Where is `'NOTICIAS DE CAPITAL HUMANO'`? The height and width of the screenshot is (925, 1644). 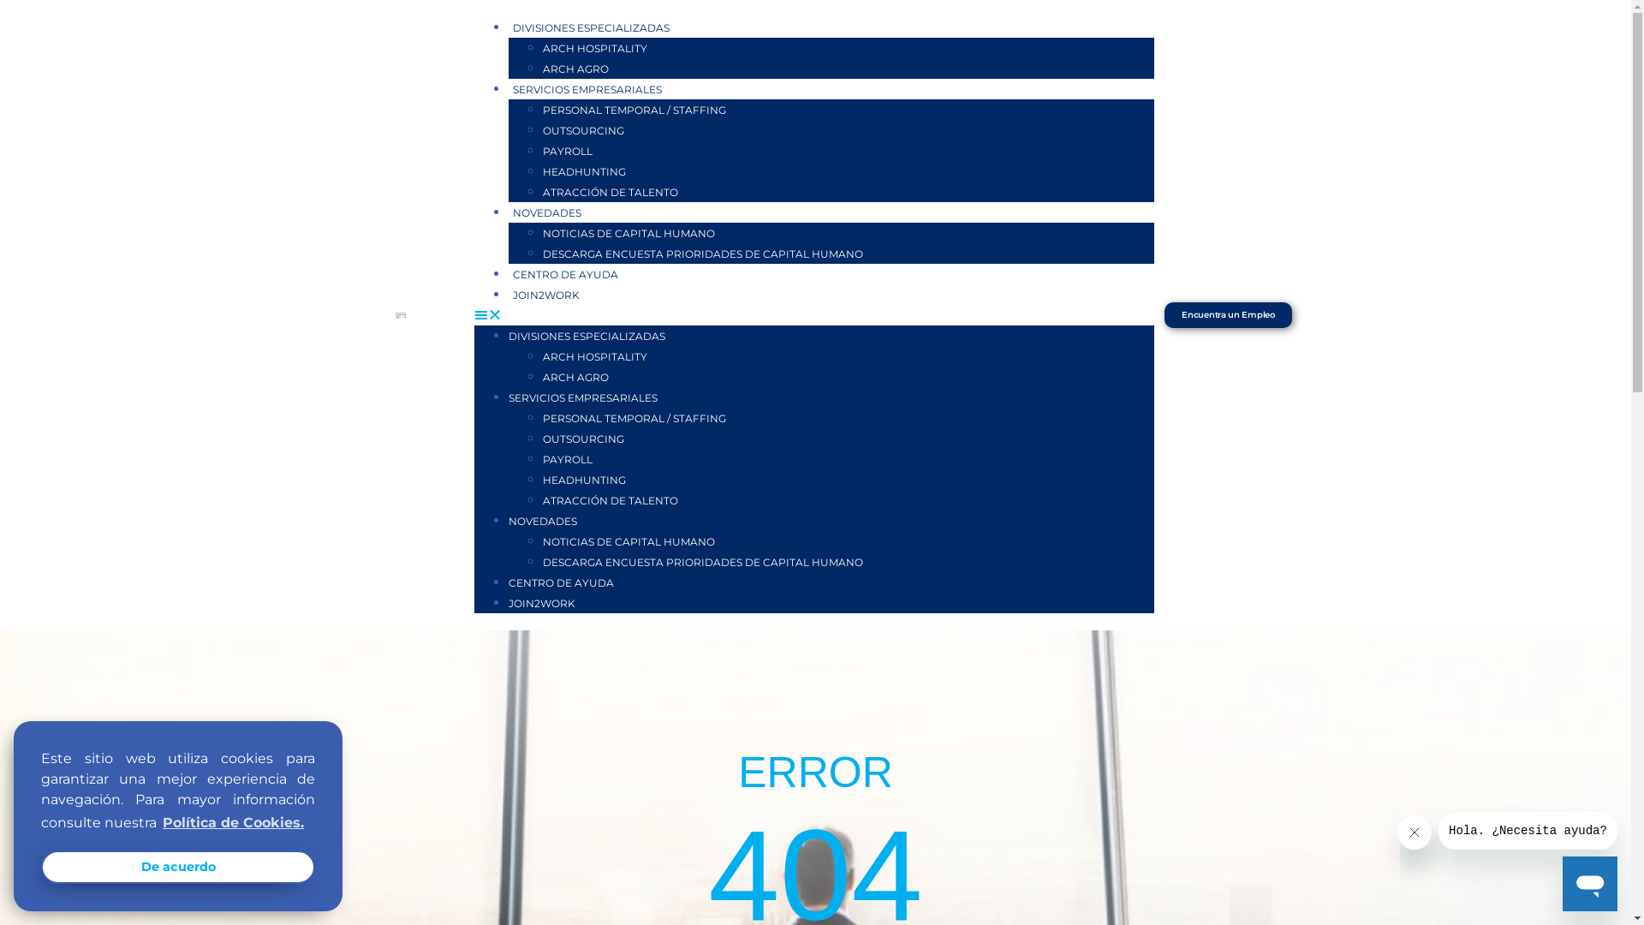
'NOTICIAS DE CAPITAL HUMANO' is located at coordinates (628, 233).